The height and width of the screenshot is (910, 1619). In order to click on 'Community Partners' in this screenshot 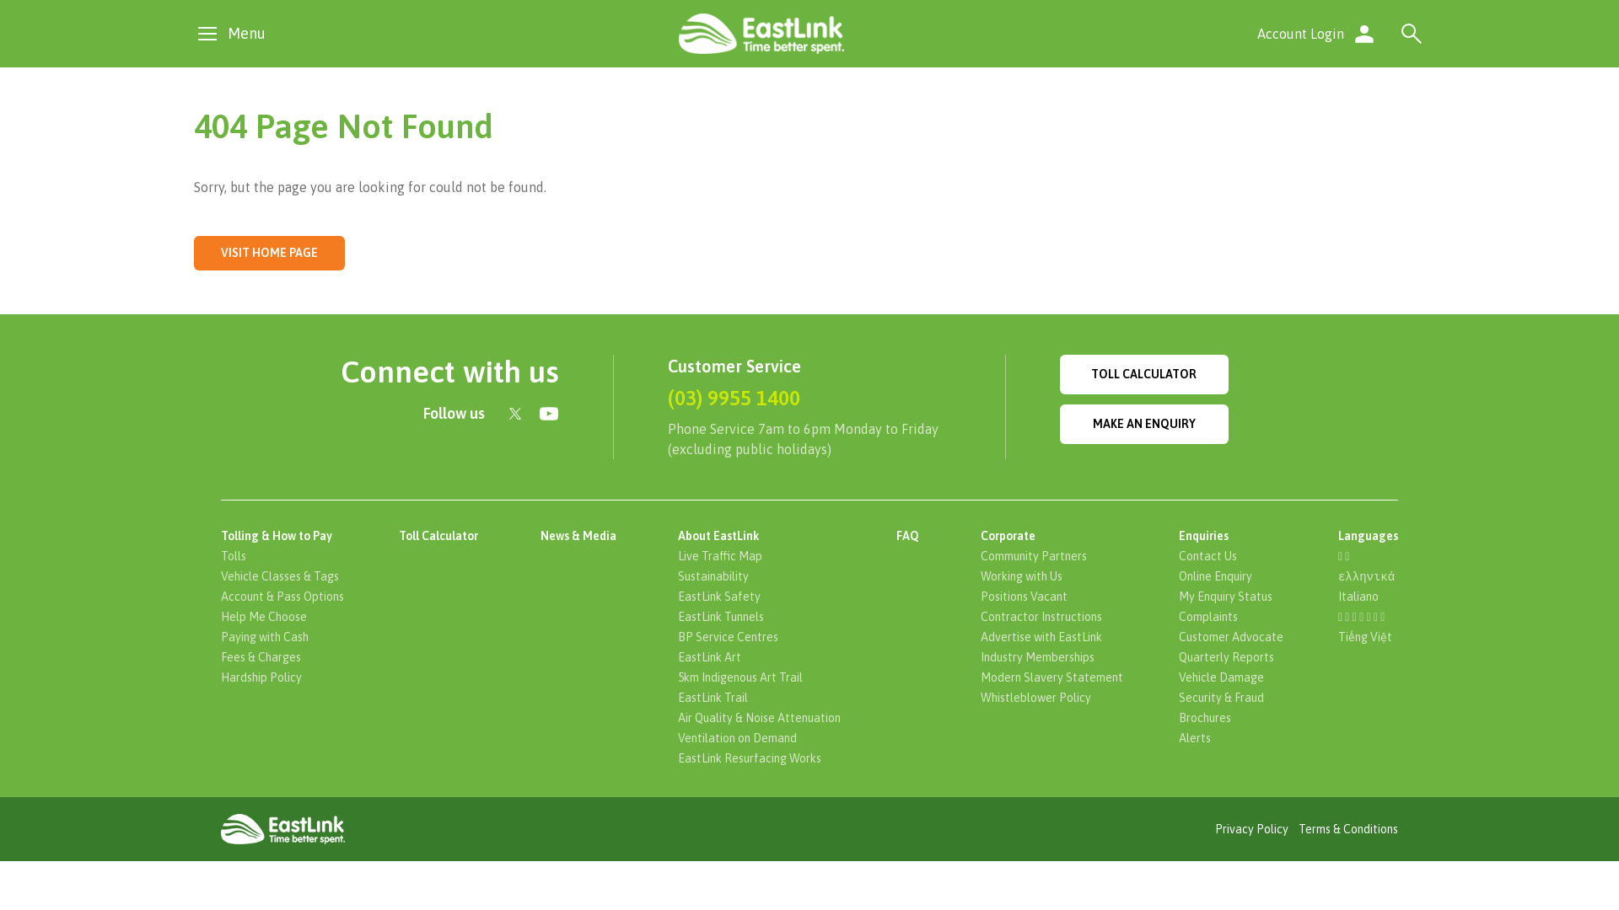, I will do `click(1039, 555)`.